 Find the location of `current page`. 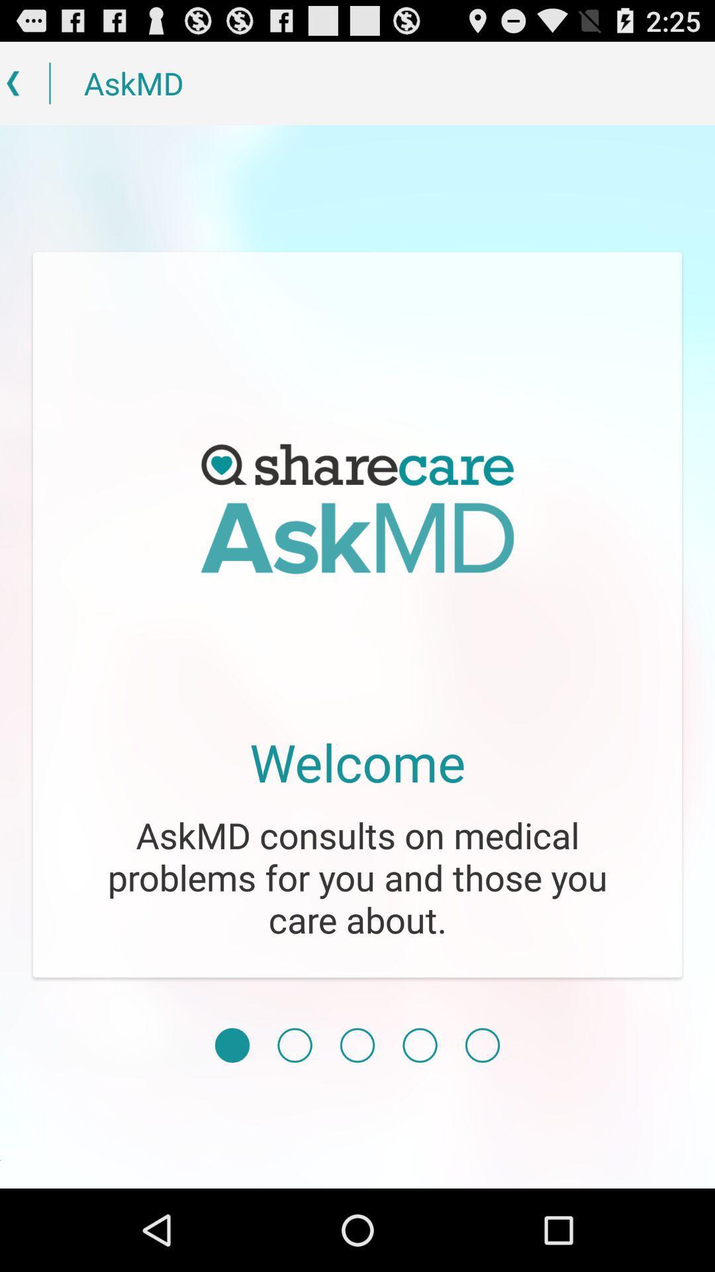

current page is located at coordinates (232, 1045).